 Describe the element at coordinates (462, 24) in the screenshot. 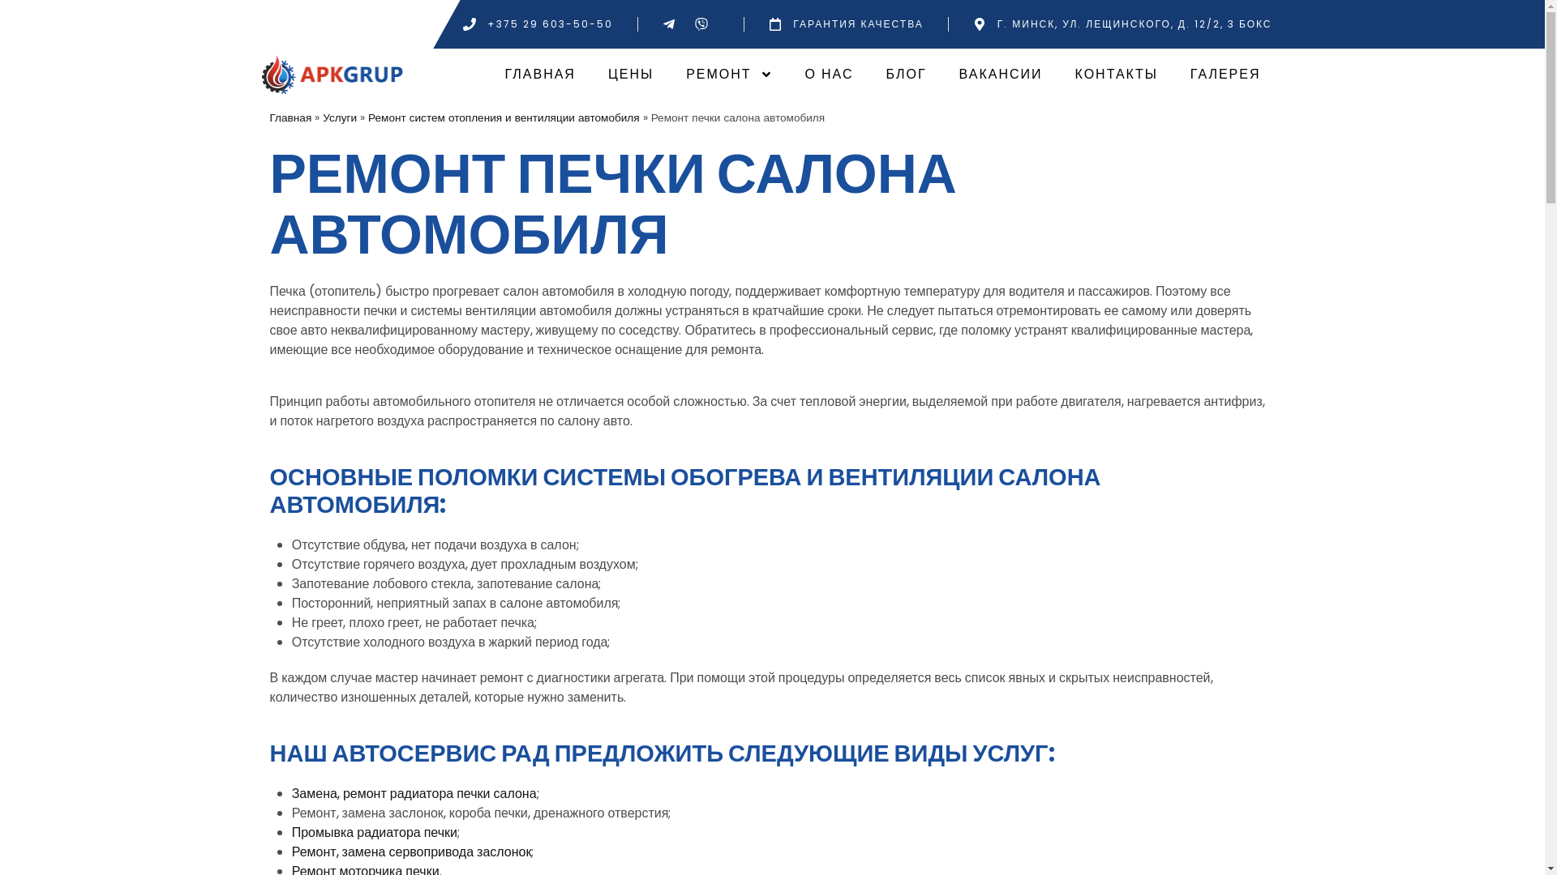

I see `'+375 29 603-50-50'` at that location.